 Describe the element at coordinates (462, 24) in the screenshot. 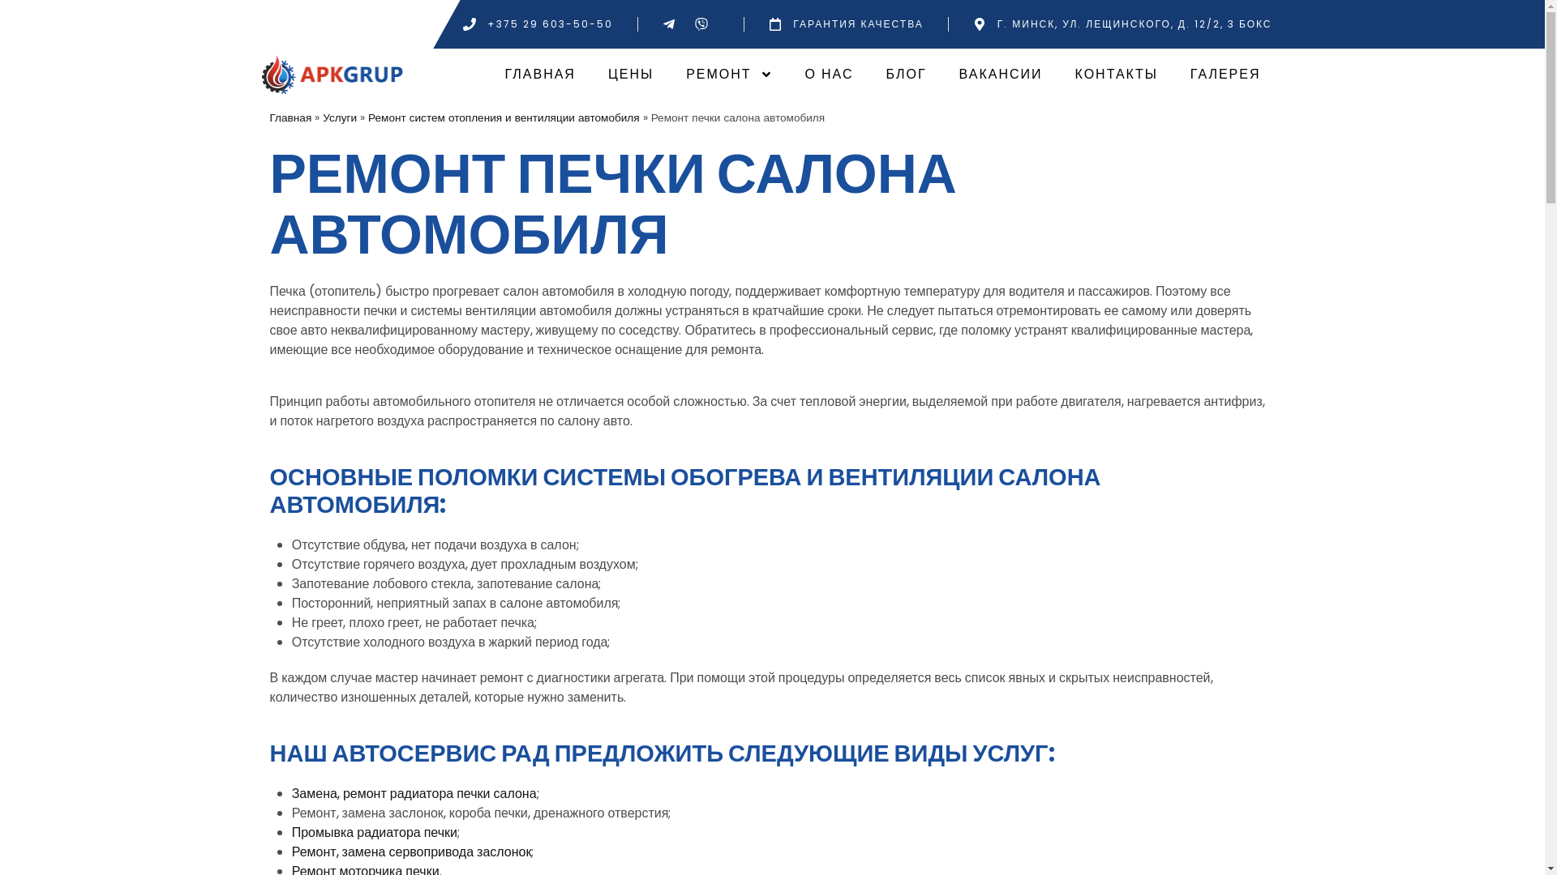

I see `'+375 29 603-50-50'` at that location.